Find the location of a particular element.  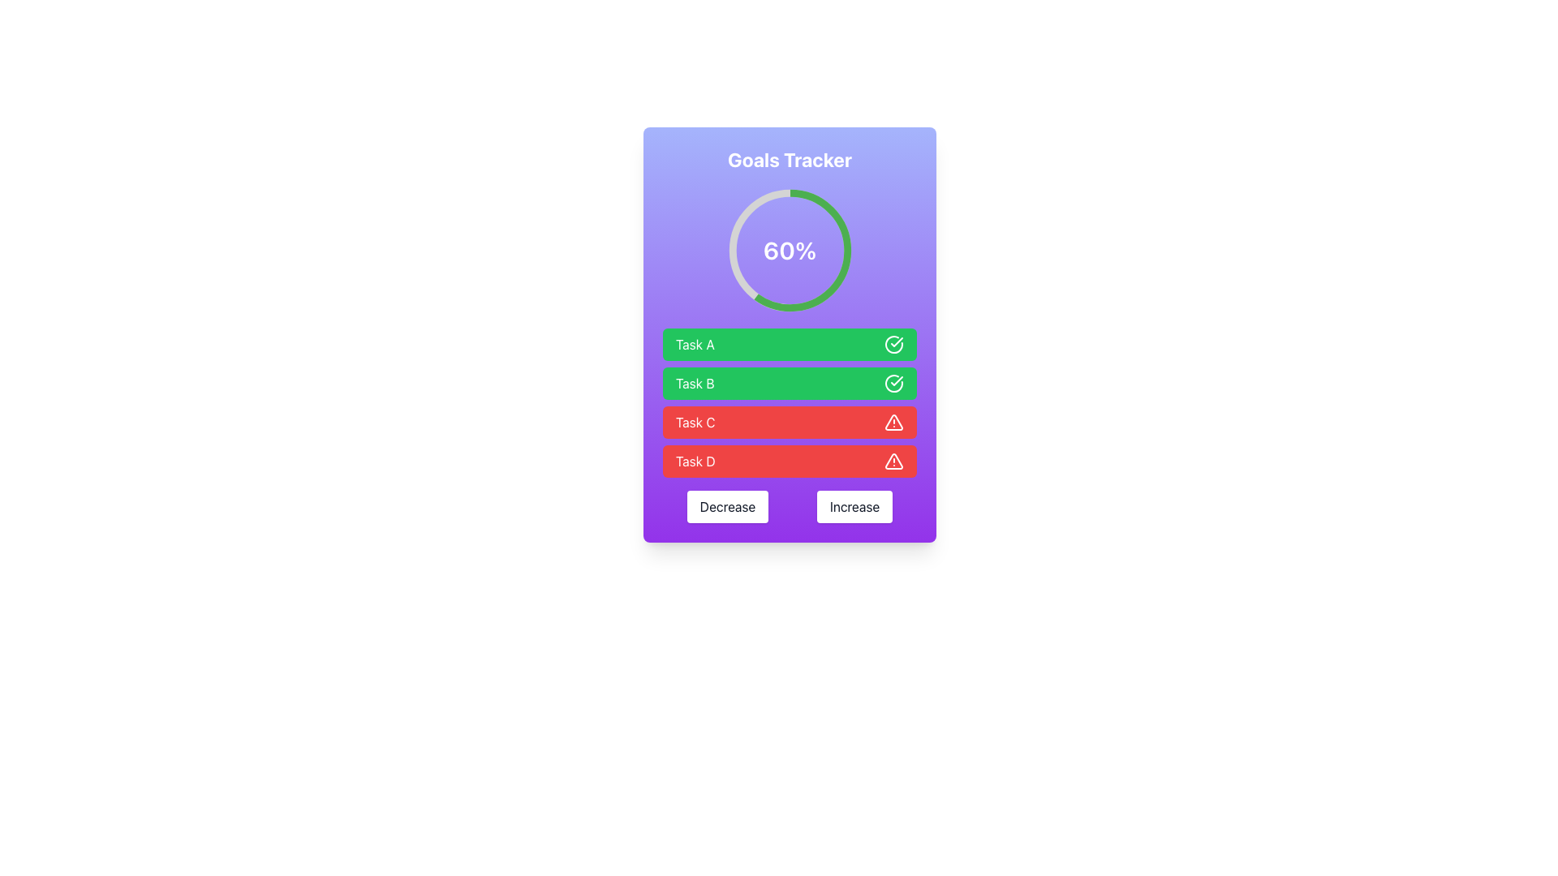

the label identifying 'Task C', which is located in the third row of a vertical task list, above 'Task D' and below 'Task B', and to the left of a warning icon is located at coordinates (695, 421).